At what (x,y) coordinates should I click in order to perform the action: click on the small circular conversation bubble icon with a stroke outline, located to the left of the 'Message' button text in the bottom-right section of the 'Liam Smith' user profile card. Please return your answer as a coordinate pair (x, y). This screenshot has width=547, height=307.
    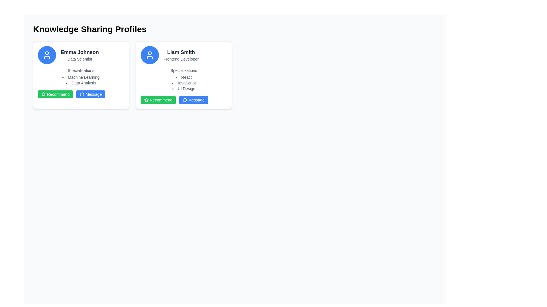
    Looking at the image, I should click on (185, 99).